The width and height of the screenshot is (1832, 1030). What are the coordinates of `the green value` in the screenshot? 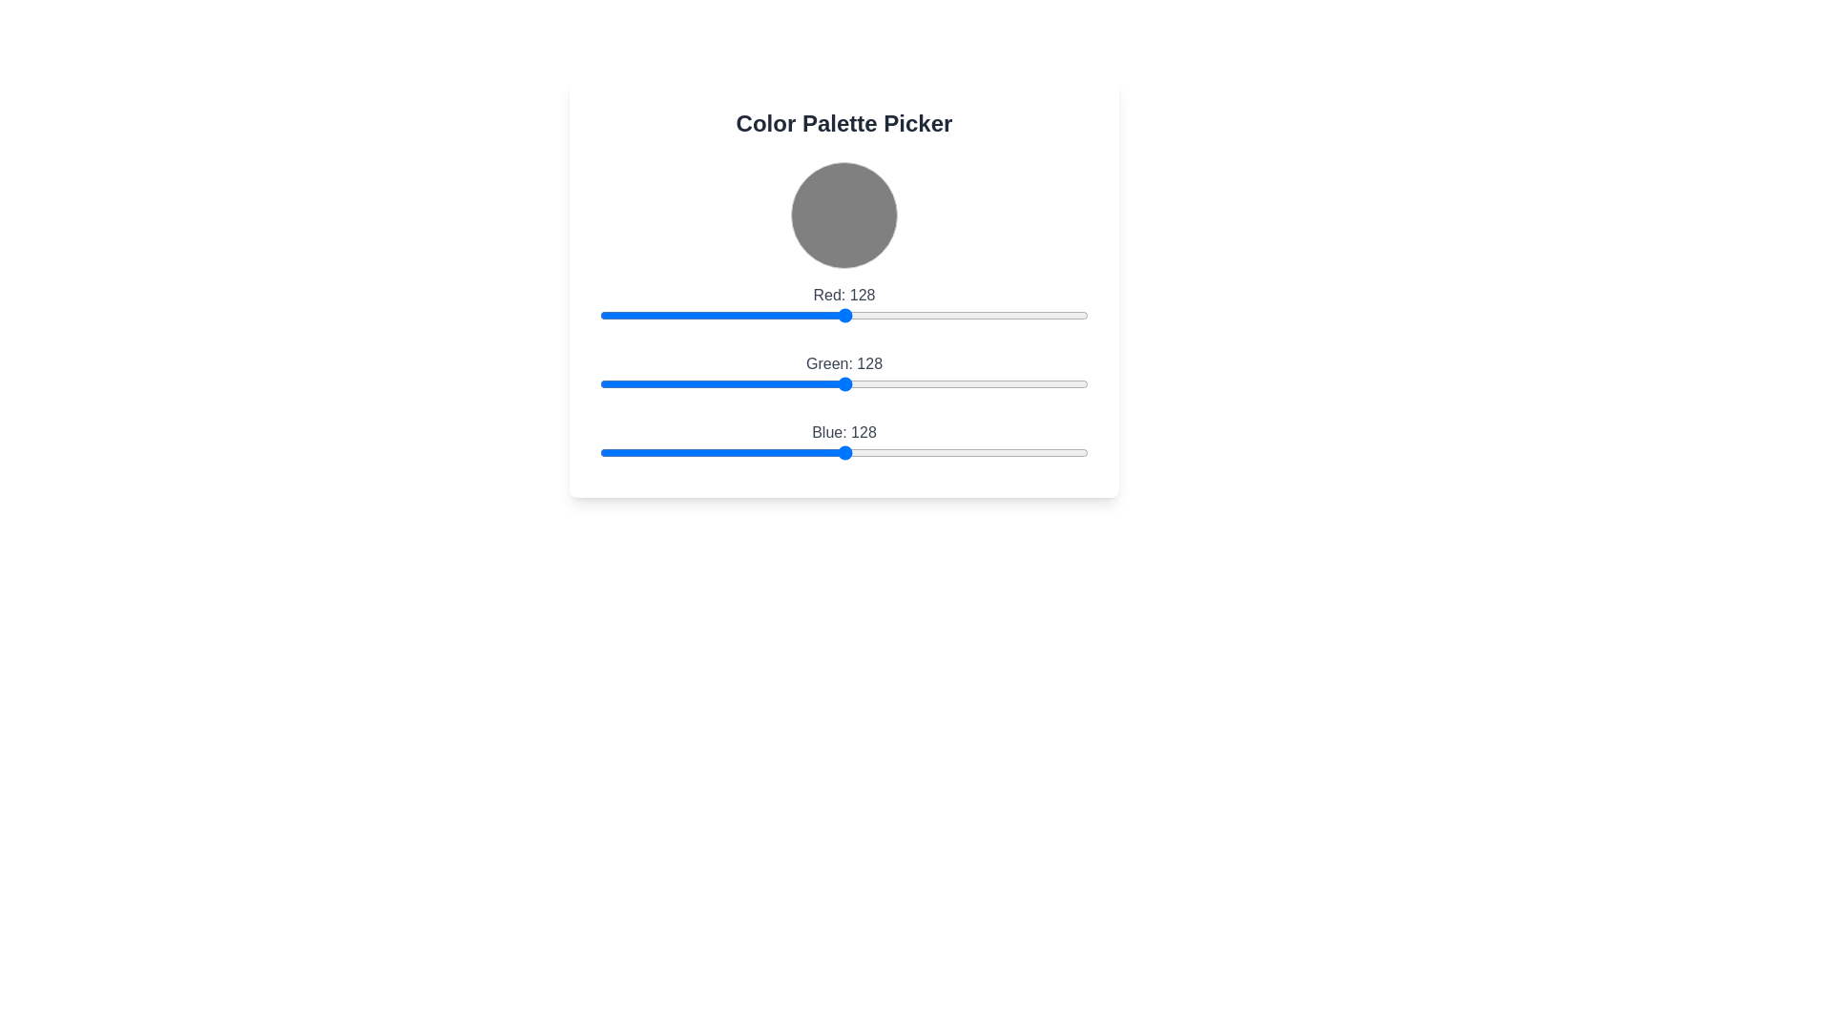 It's located at (656, 383).